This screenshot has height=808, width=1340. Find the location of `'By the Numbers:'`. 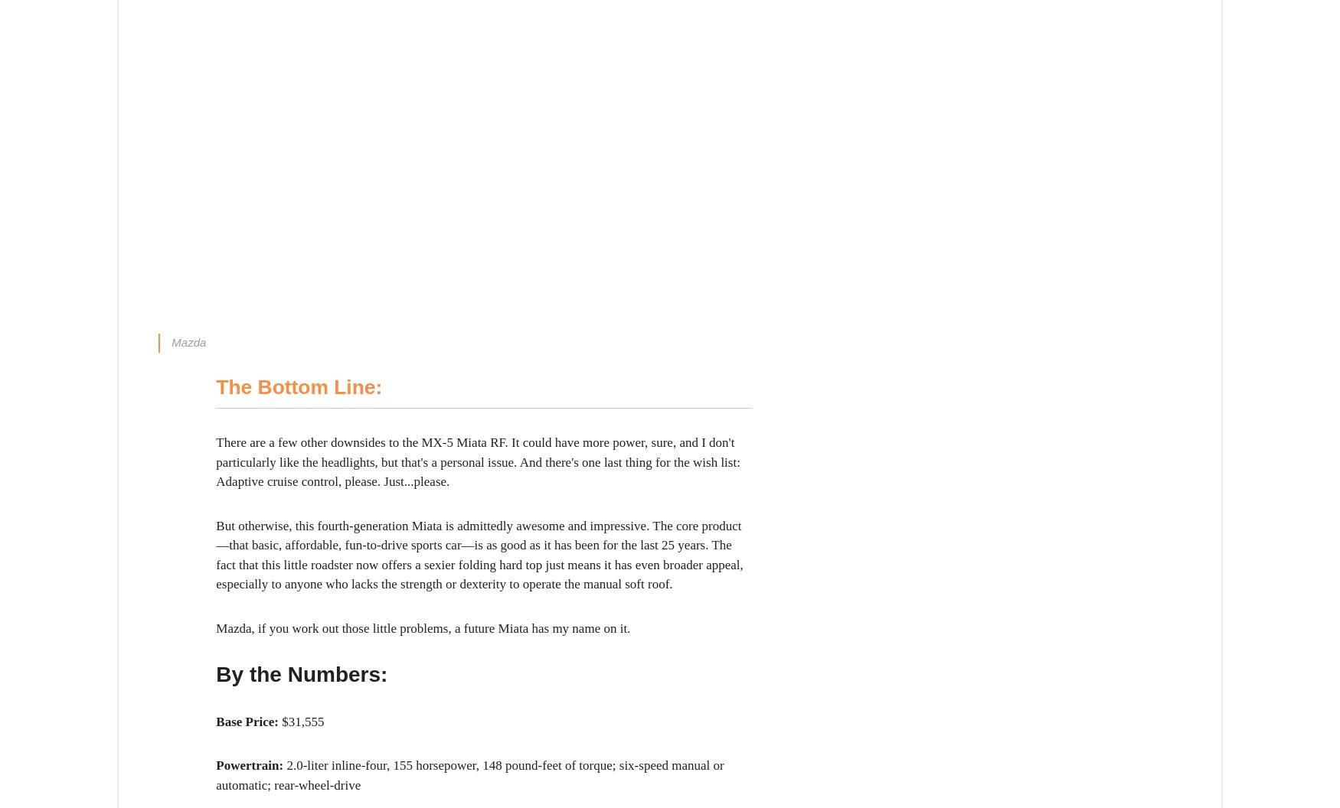

'By the Numbers:' is located at coordinates (300, 673).